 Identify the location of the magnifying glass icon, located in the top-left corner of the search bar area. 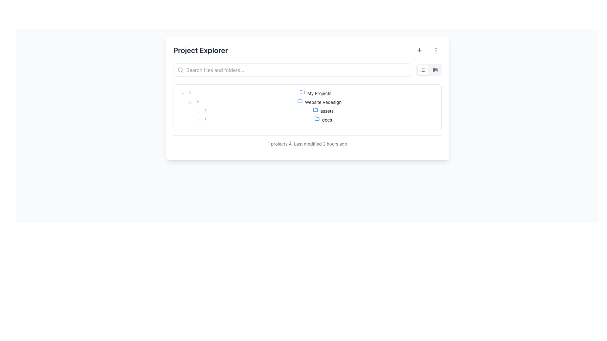
(180, 70).